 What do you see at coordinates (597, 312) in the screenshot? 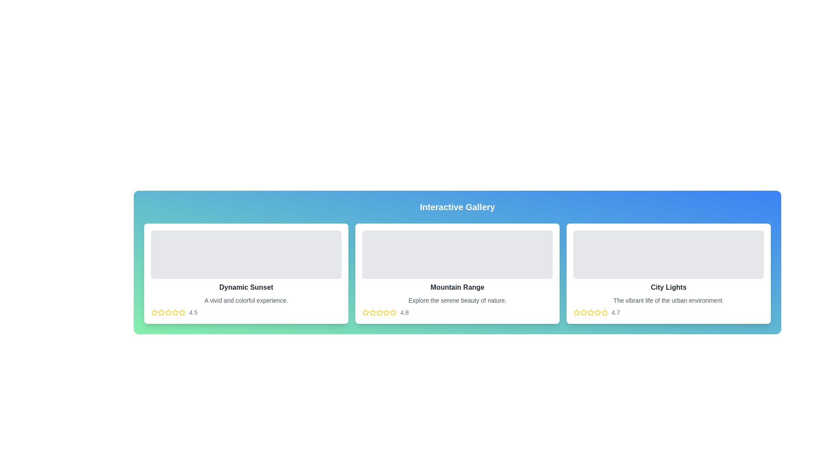
I see `the sixth star icon in the 5-star rating system under the 'City Lights' card, located at the bottom-center of the card` at bounding box center [597, 312].